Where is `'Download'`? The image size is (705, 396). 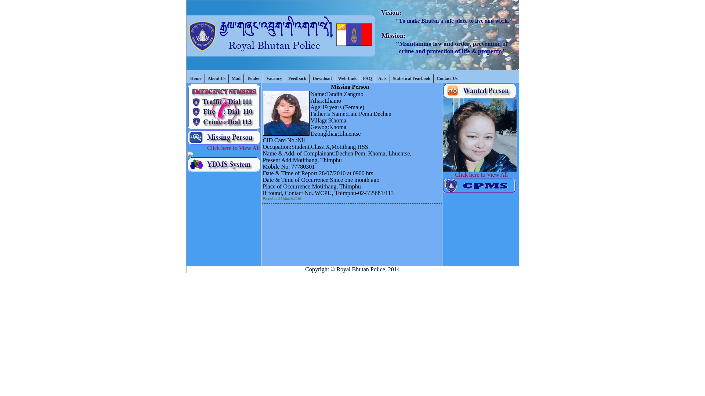
'Download' is located at coordinates (322, 78).